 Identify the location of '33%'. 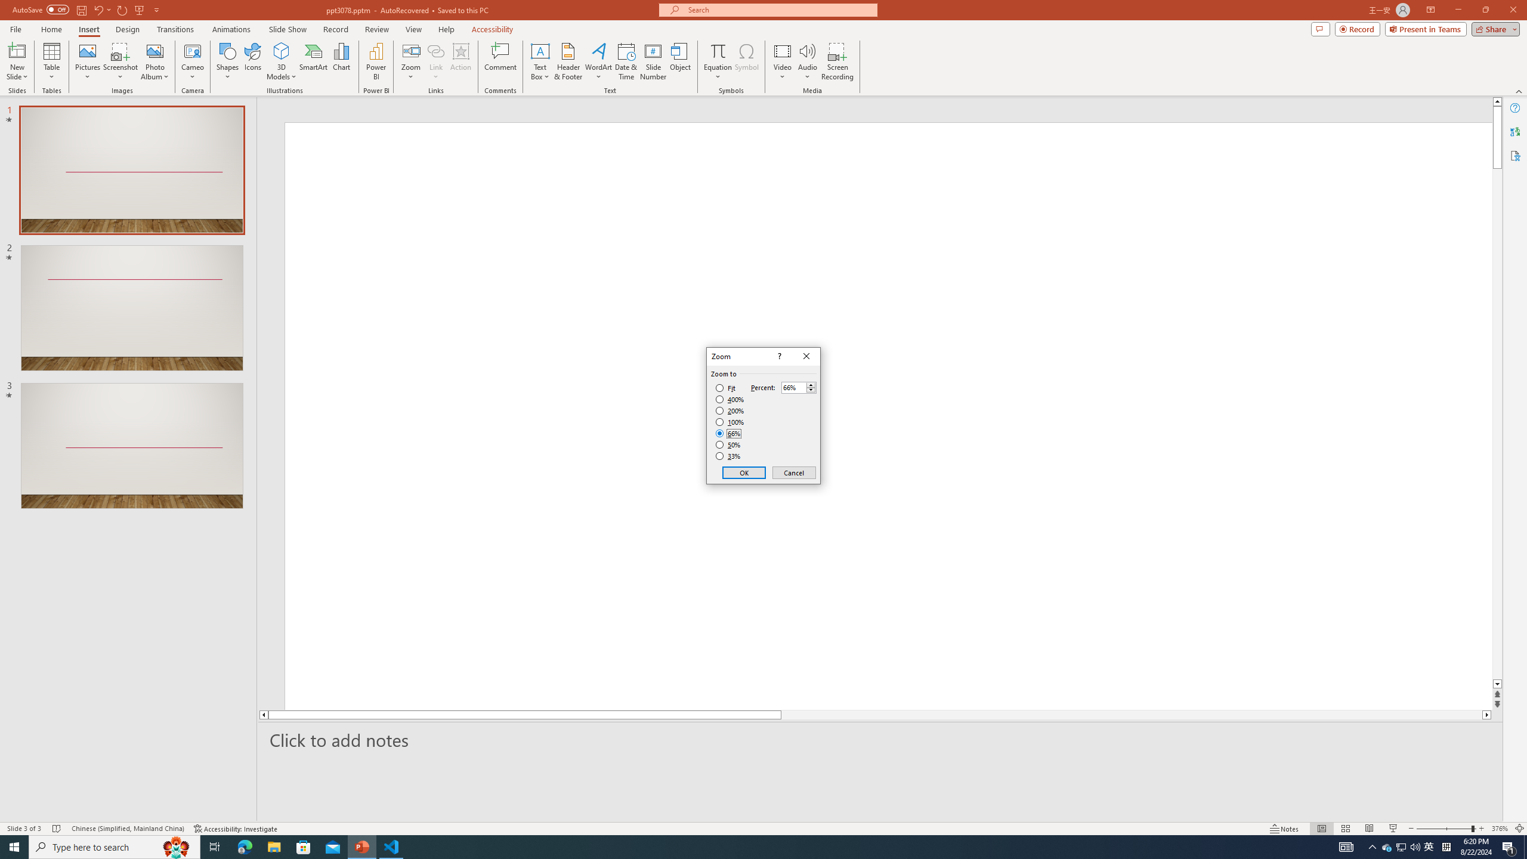
(729, 456).